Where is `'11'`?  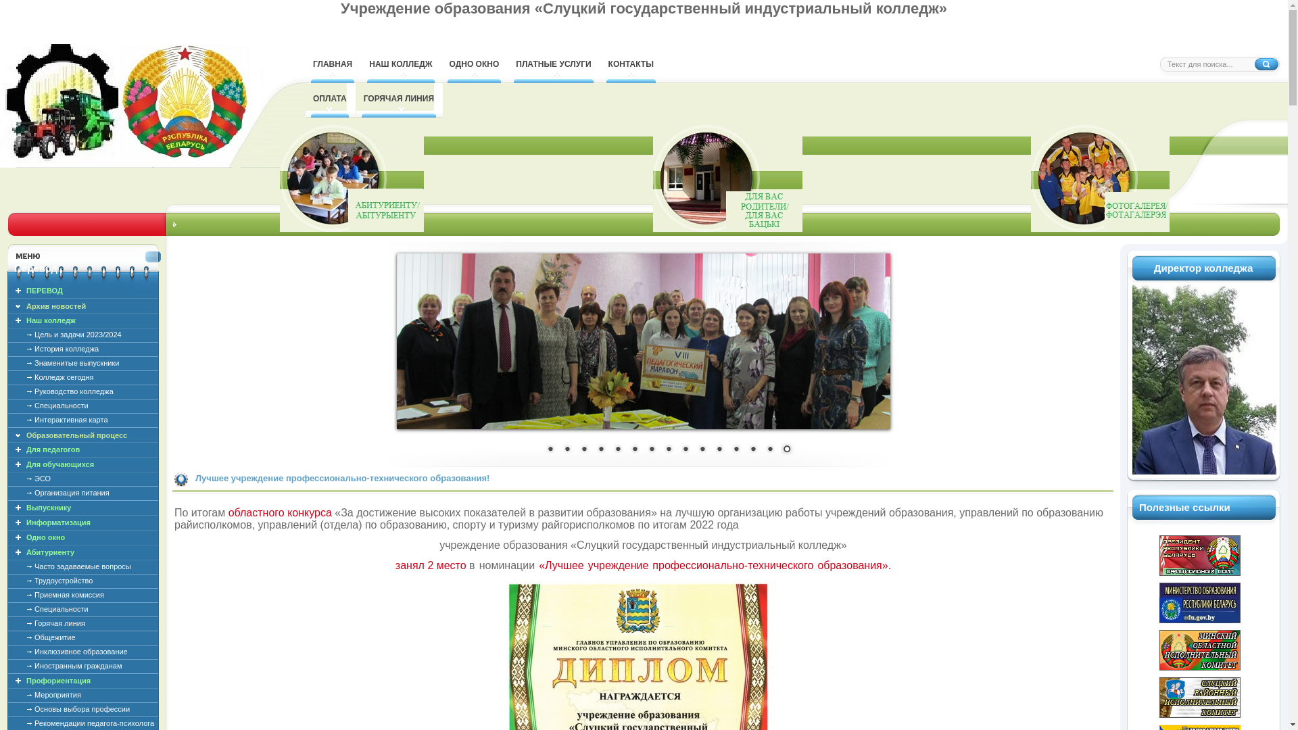 '11' is located at coordinates (710, 450).